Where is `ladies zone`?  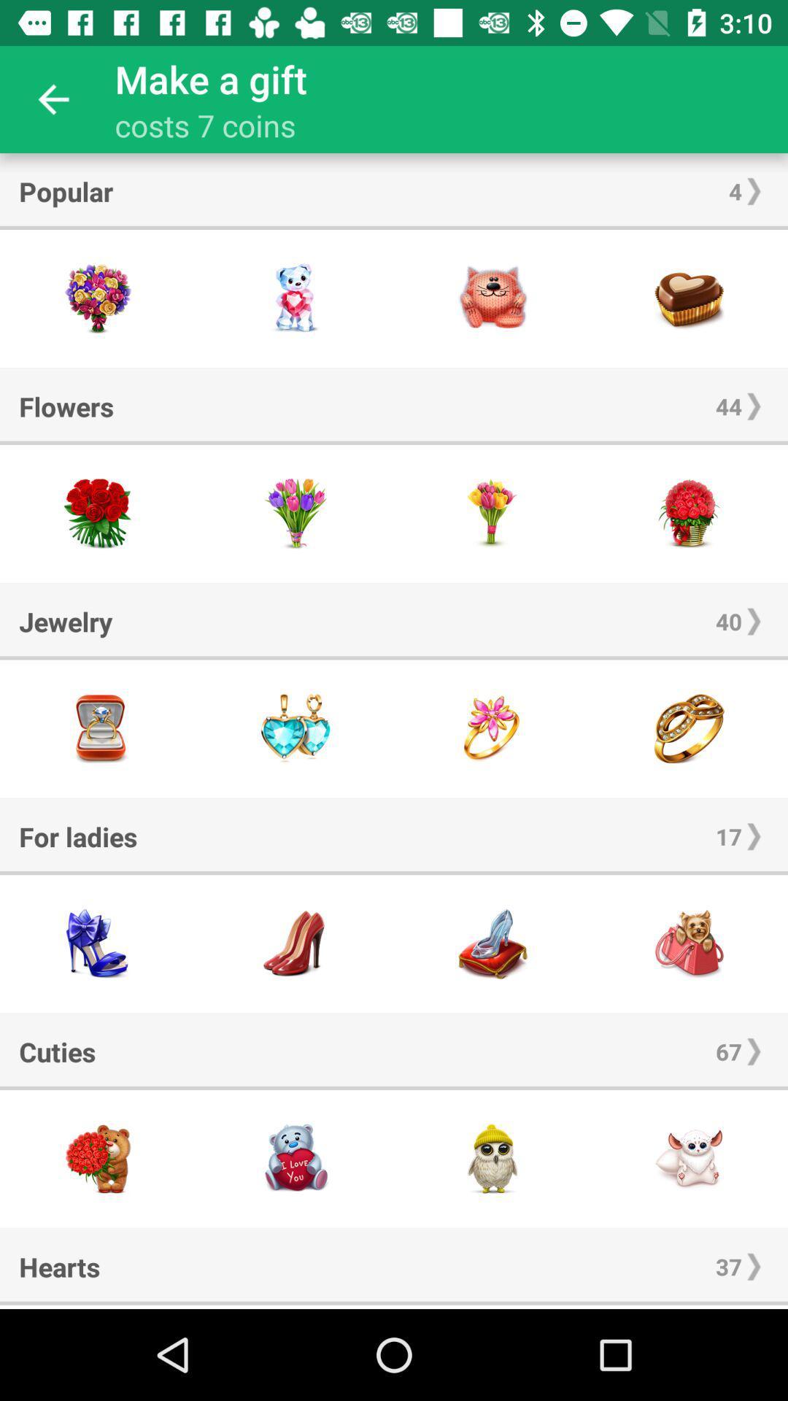 ladies zone is located at coordinates (492, 943).